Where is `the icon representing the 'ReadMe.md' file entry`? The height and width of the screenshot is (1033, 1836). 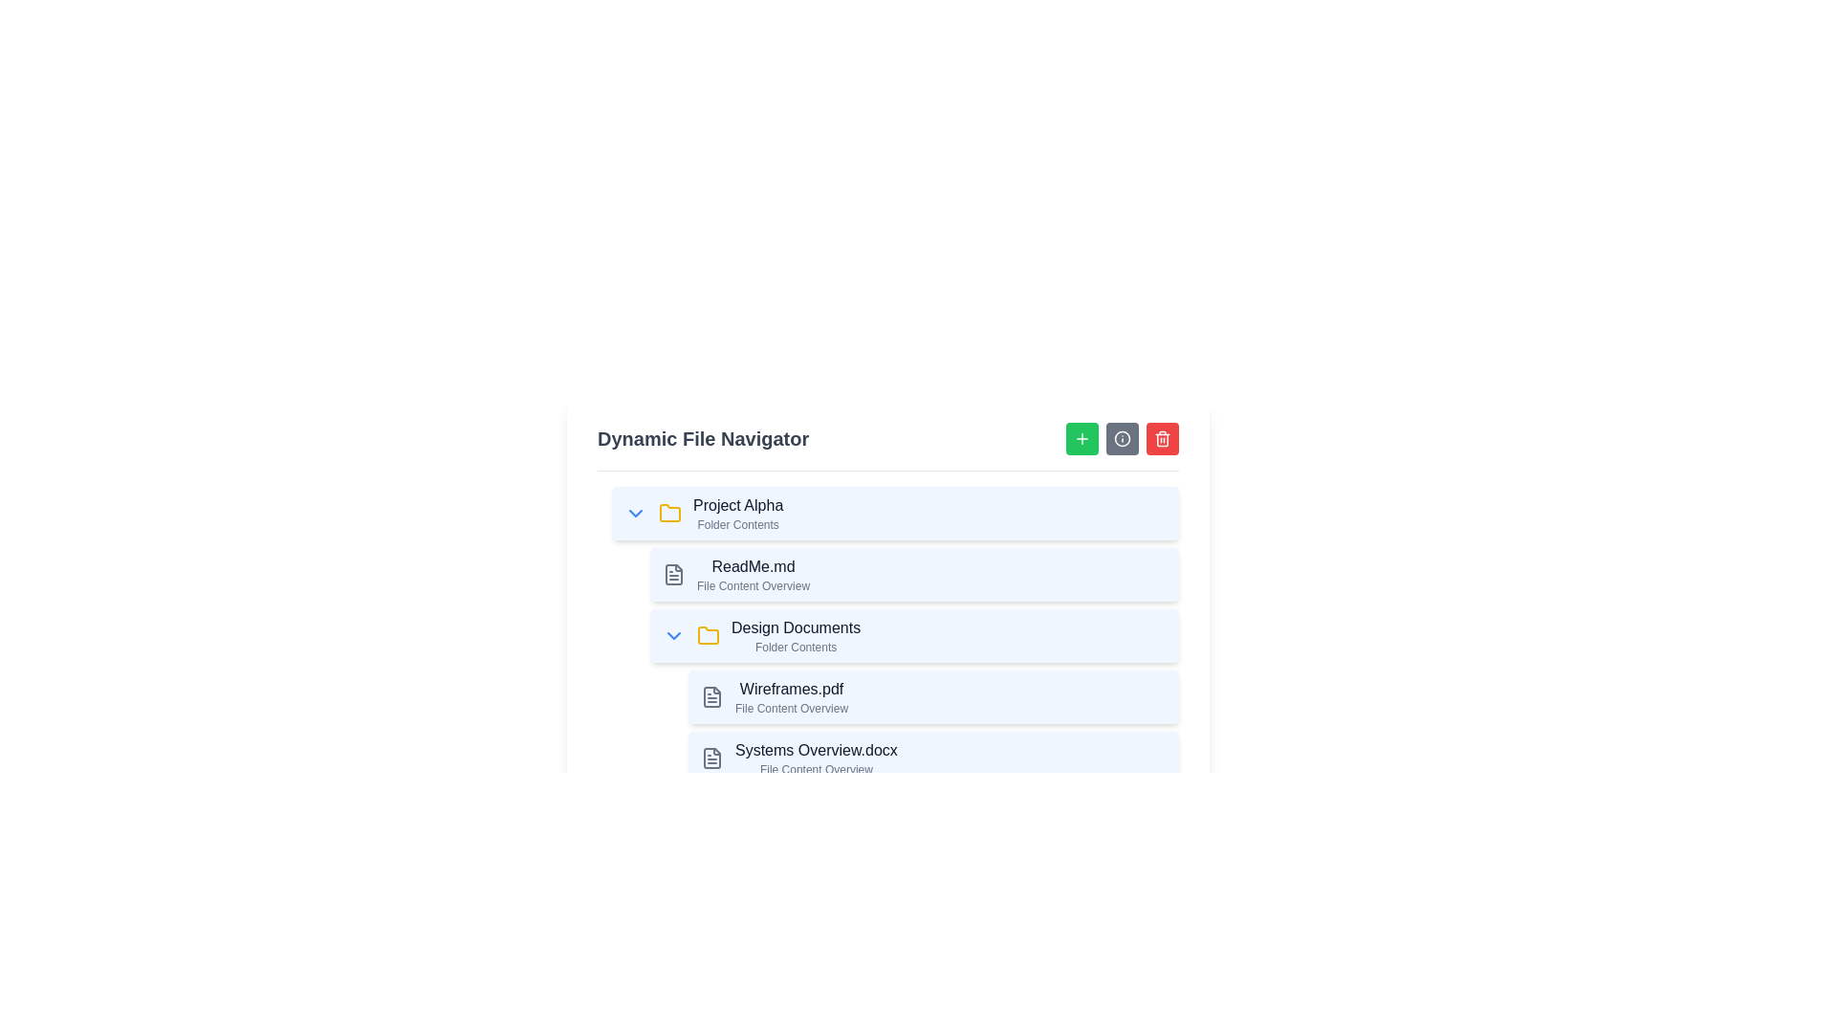
the icon representing the 'ReadMe.md' file entry is located at coordinates (674, 574).